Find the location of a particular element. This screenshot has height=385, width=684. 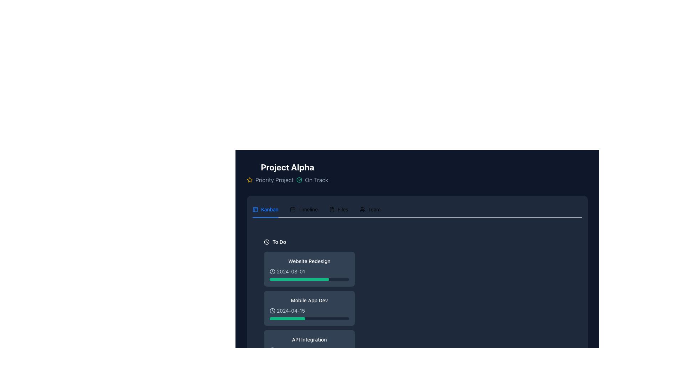

the progress bar segment that visually represents 75% completion of the task within the 'Mobile App Dev' card is located at coordinates (299, 279).